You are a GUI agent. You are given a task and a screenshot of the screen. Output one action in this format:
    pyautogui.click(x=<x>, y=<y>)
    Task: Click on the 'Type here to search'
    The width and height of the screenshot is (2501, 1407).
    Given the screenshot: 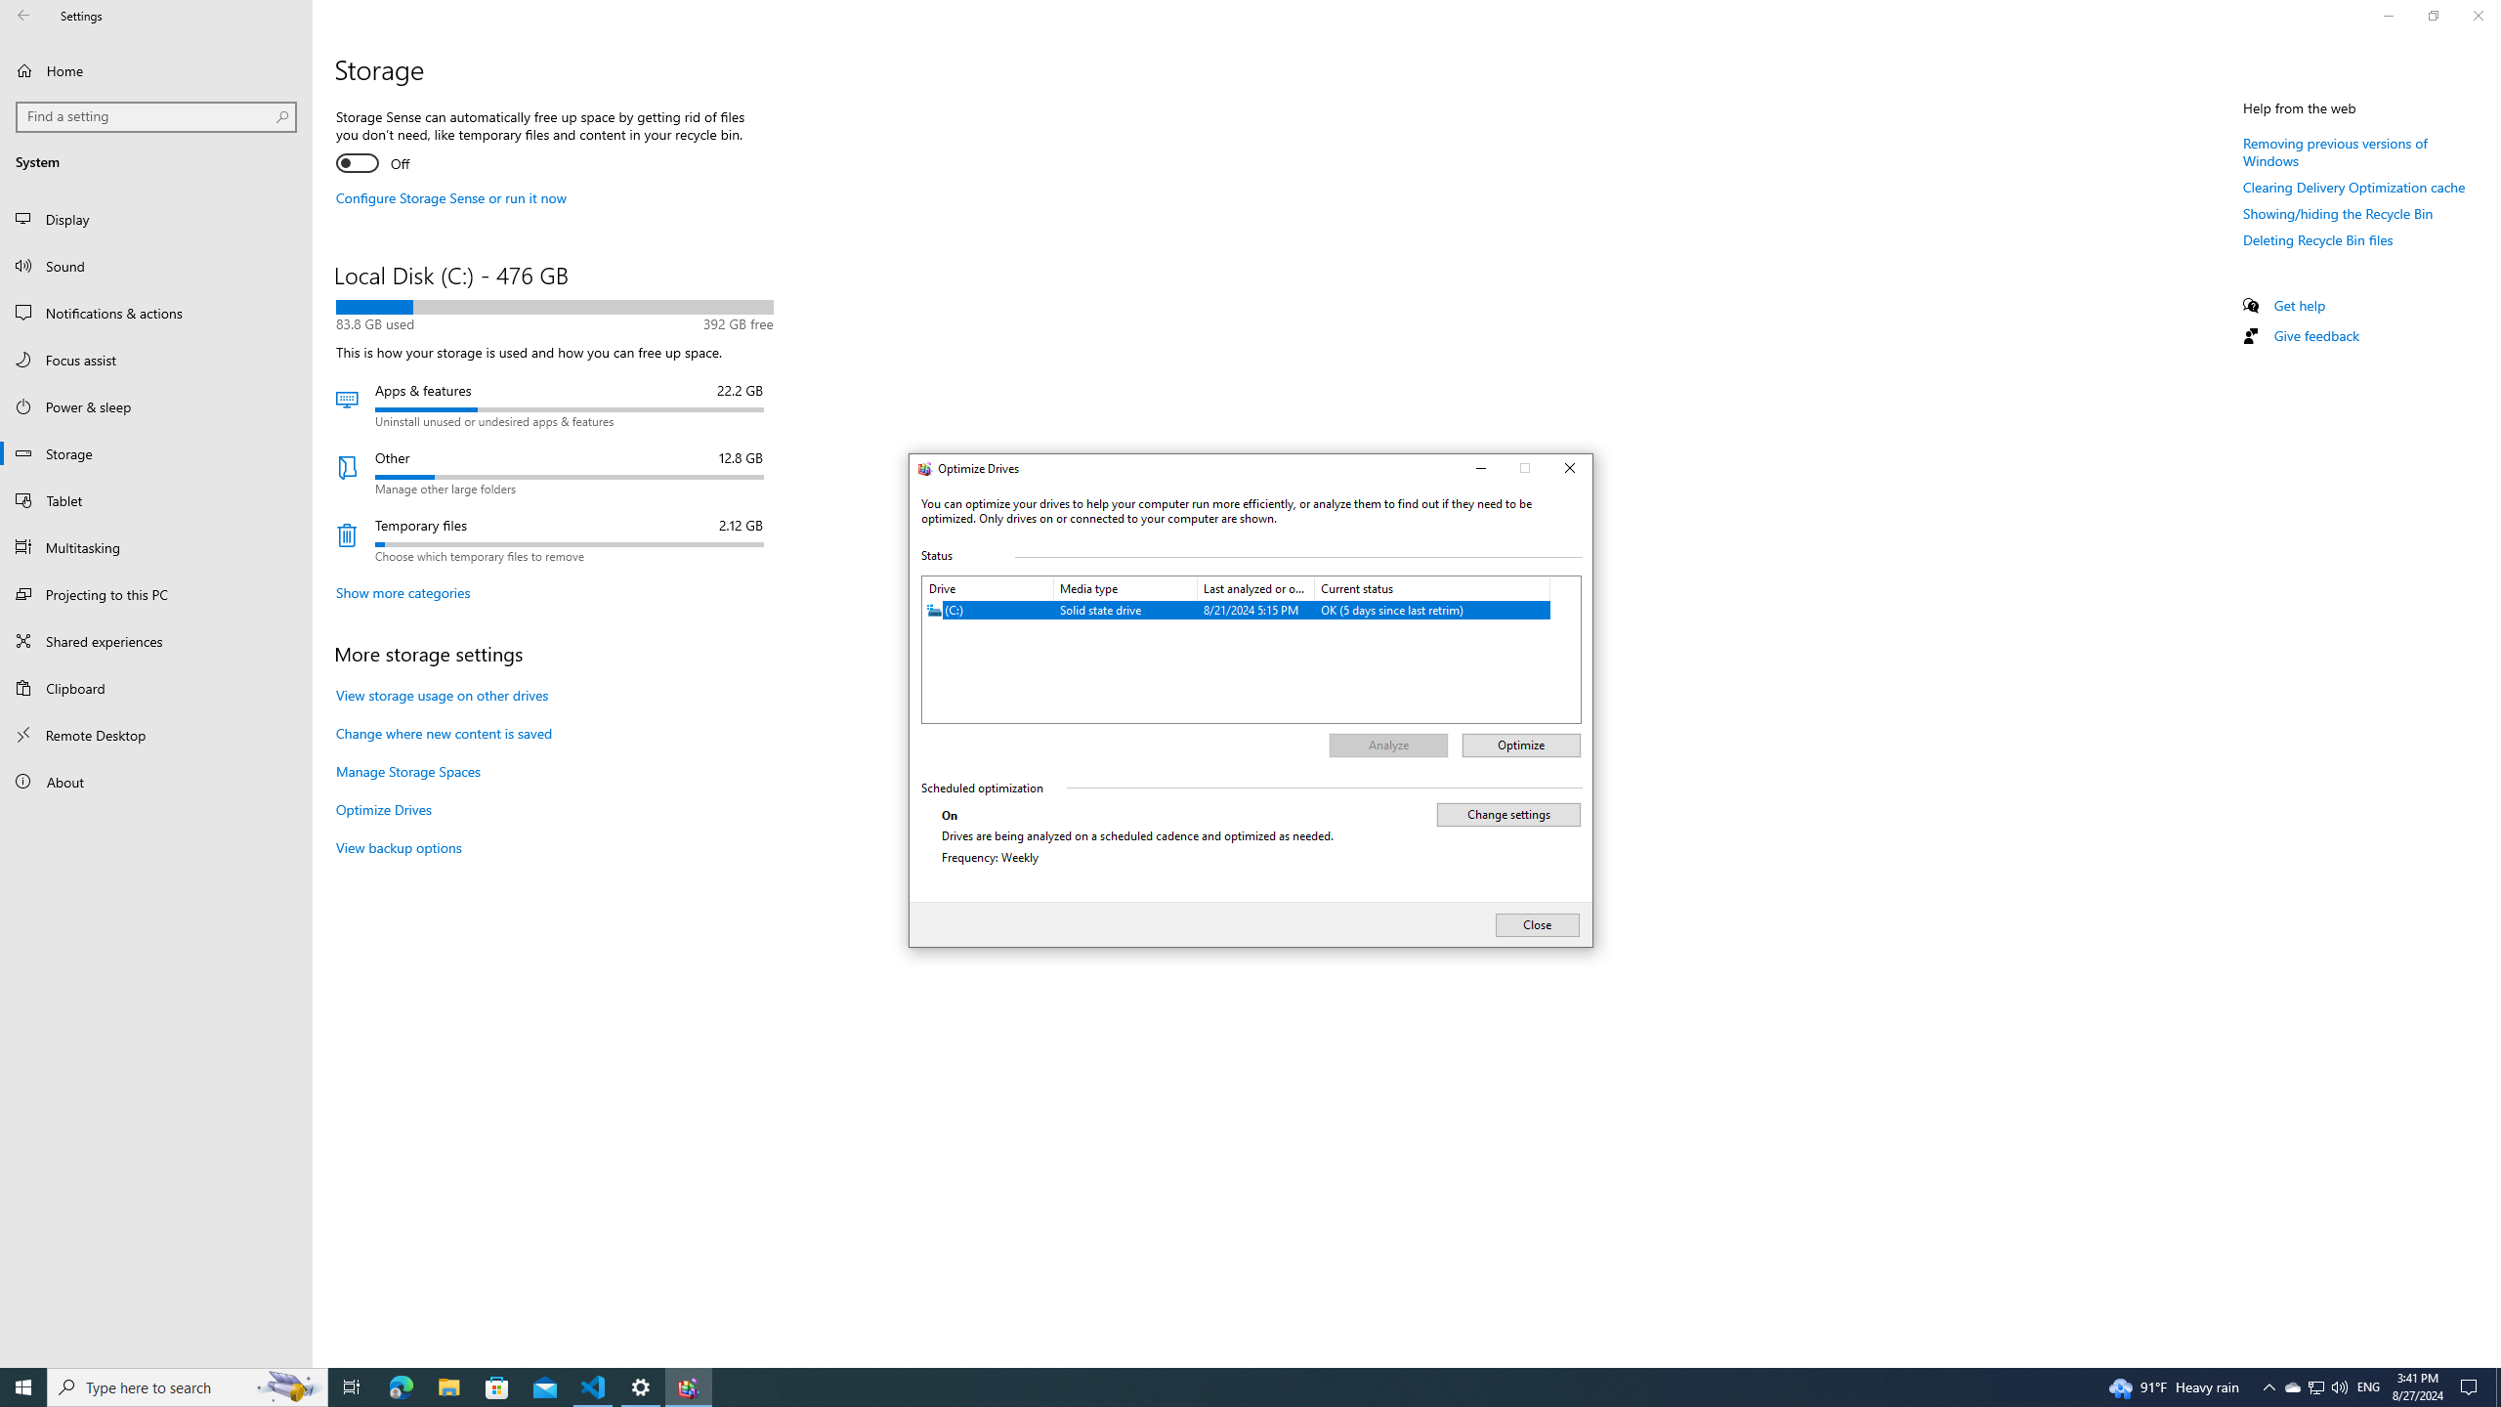 What is the action you would take?
    pyautogui.click(x=187, y=1386)
    